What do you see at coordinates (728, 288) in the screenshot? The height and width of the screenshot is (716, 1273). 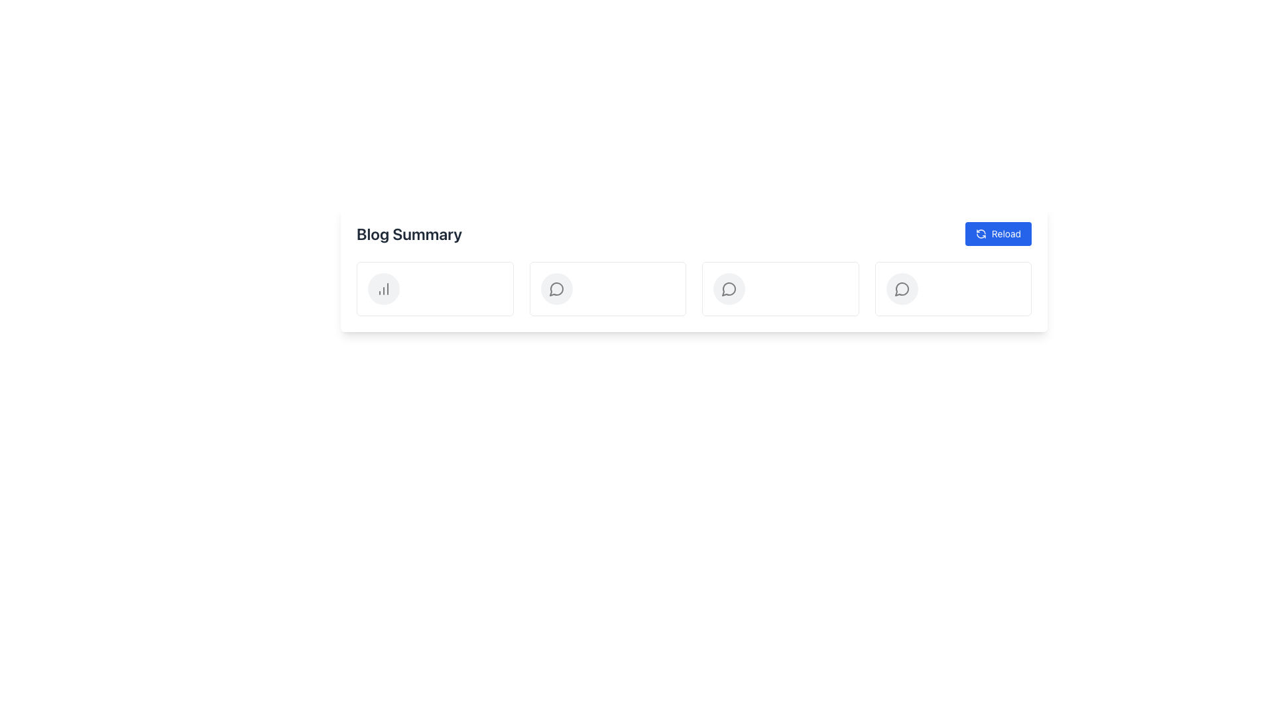 I see `the decorative icon located in the fourth box below the 'Blog Summary' title, which emphasizes chat or messaging functionality` at bounding box center [728, 288].